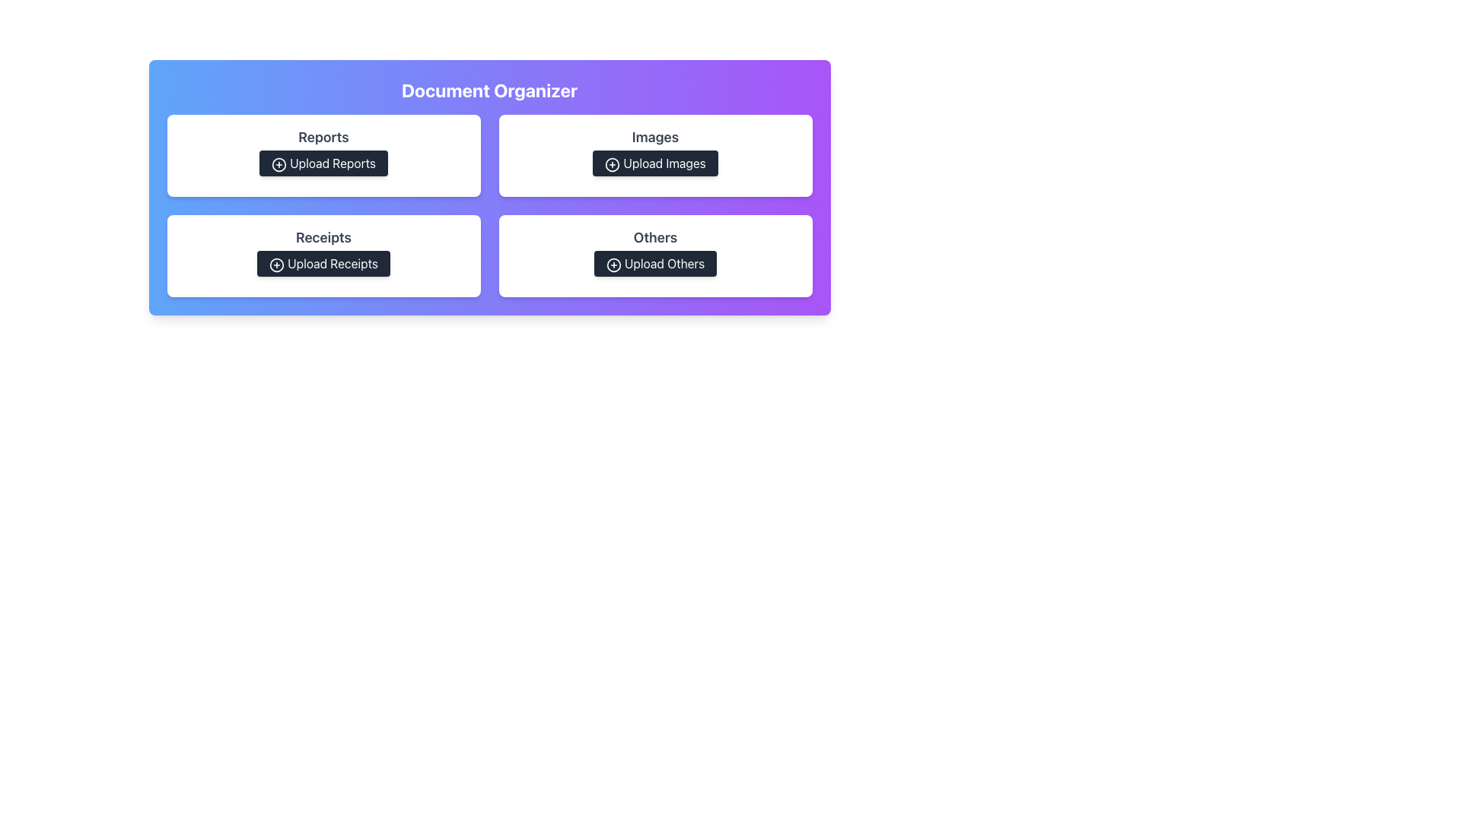 The height and width of the screenshot is (821, 1461). What do you see at coordinates (655, 155) in the screenshot?
I see `the upload button on the second card in the grid layout, which allows users to upload image files` at bounding box center [655, 155].